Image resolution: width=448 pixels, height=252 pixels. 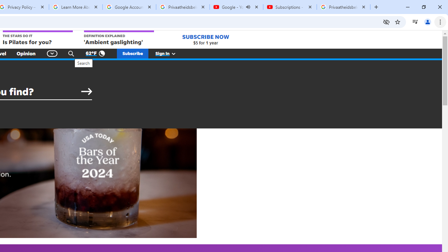 What do you see at coordinates (169, 53) in the screenshot?
I see `'Sign In'` at bounding box center [169, 53].